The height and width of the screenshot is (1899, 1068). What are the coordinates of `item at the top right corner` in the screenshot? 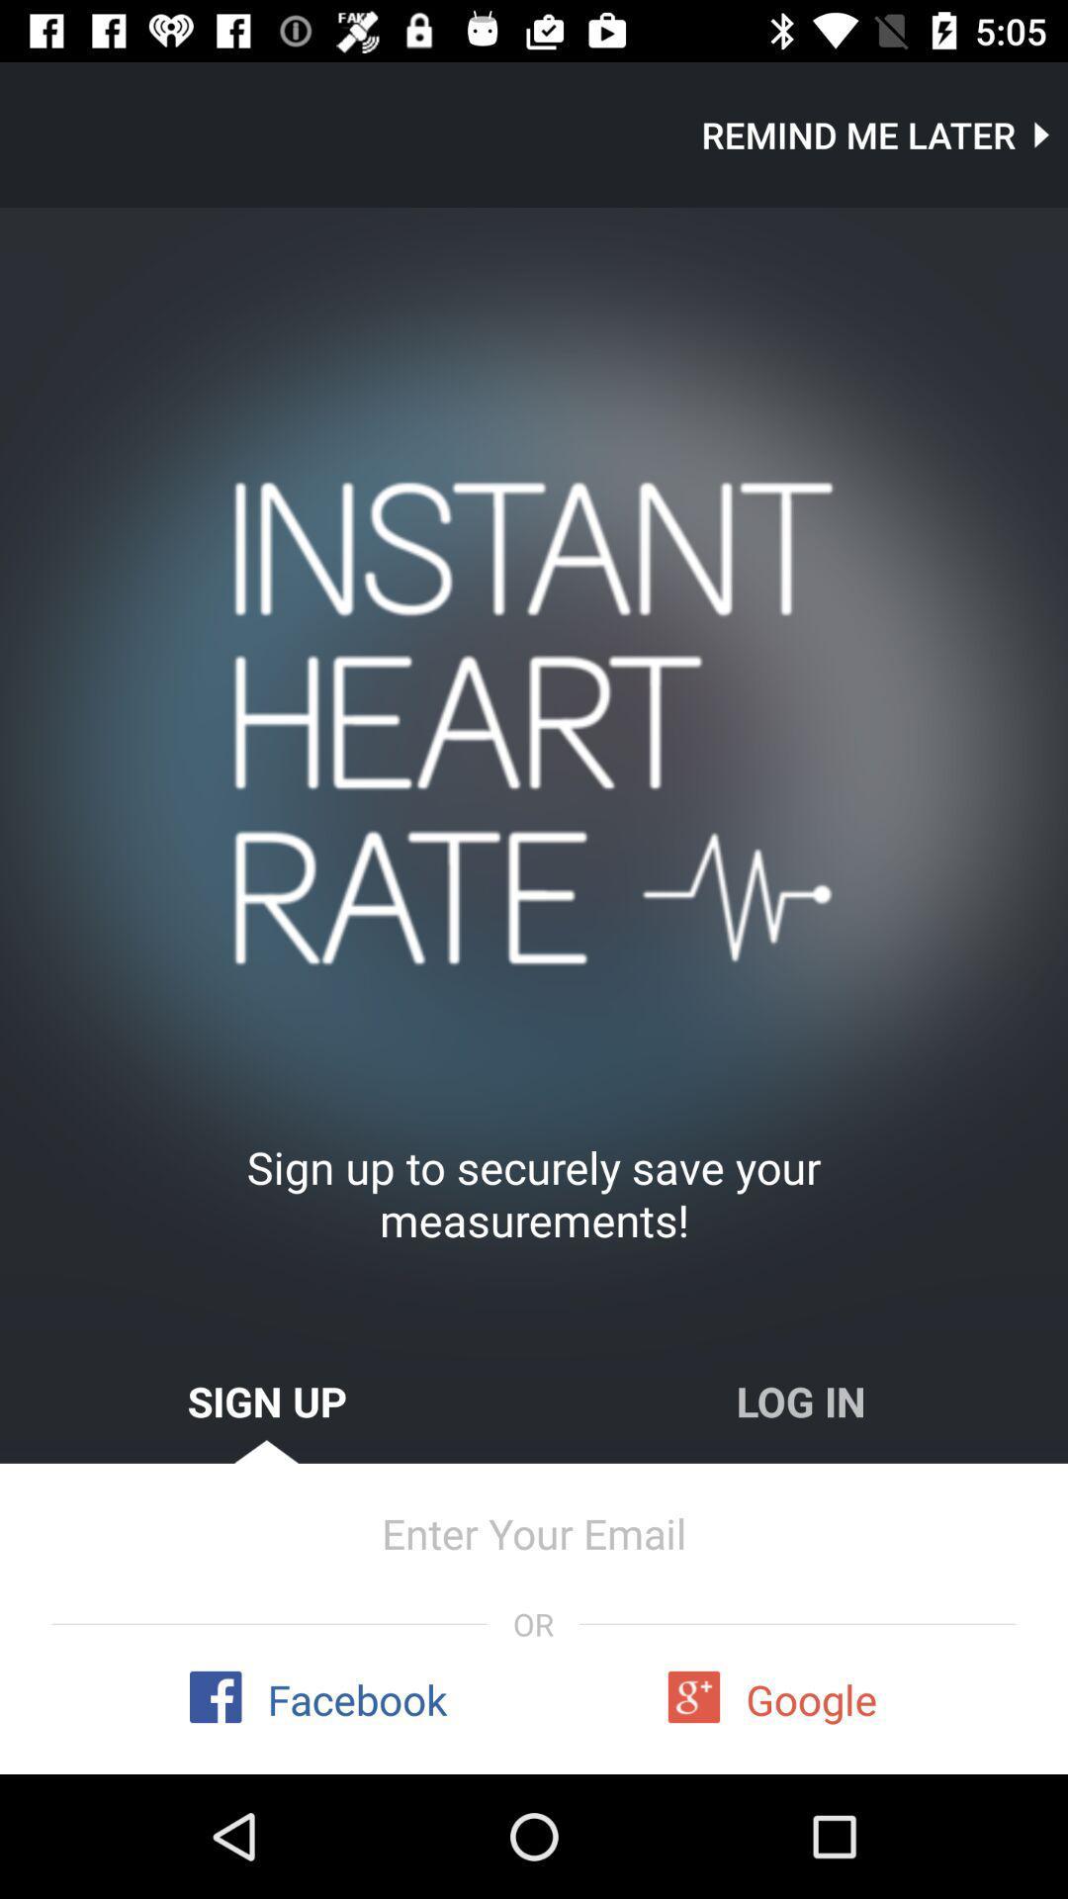 It's located at (883, 134).